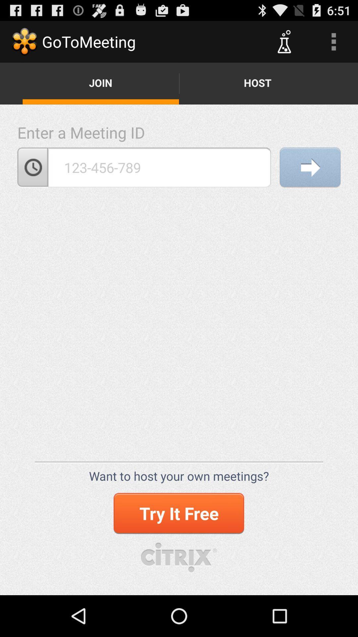 This screenshot has width=358, height=637. What do you see at coordinates (310, 179) in the screenshot?
I see `the arrow_forward icon` at bounding box center [310, 179].